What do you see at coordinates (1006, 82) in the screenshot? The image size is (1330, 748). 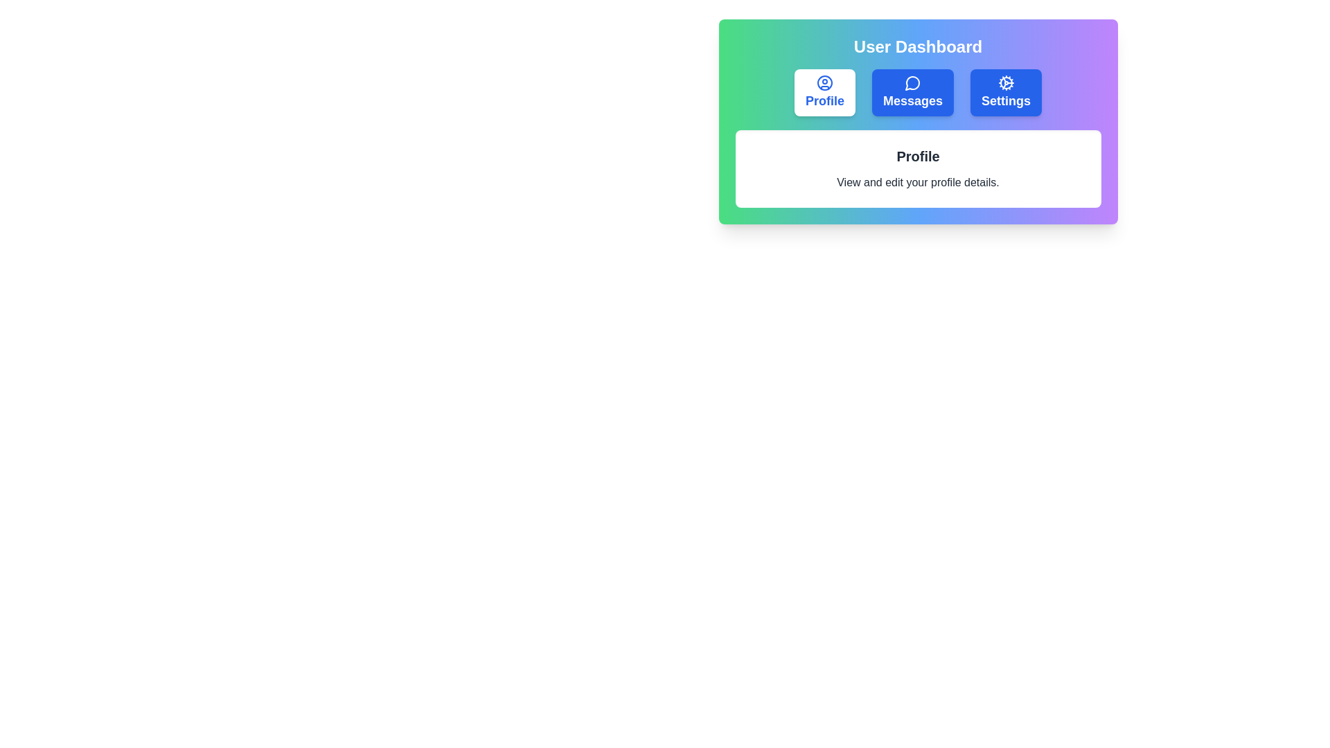 I see `the outer circular part of the cog icon in the Settings section of the User Dashboard` at bounding box center [1006, 82].